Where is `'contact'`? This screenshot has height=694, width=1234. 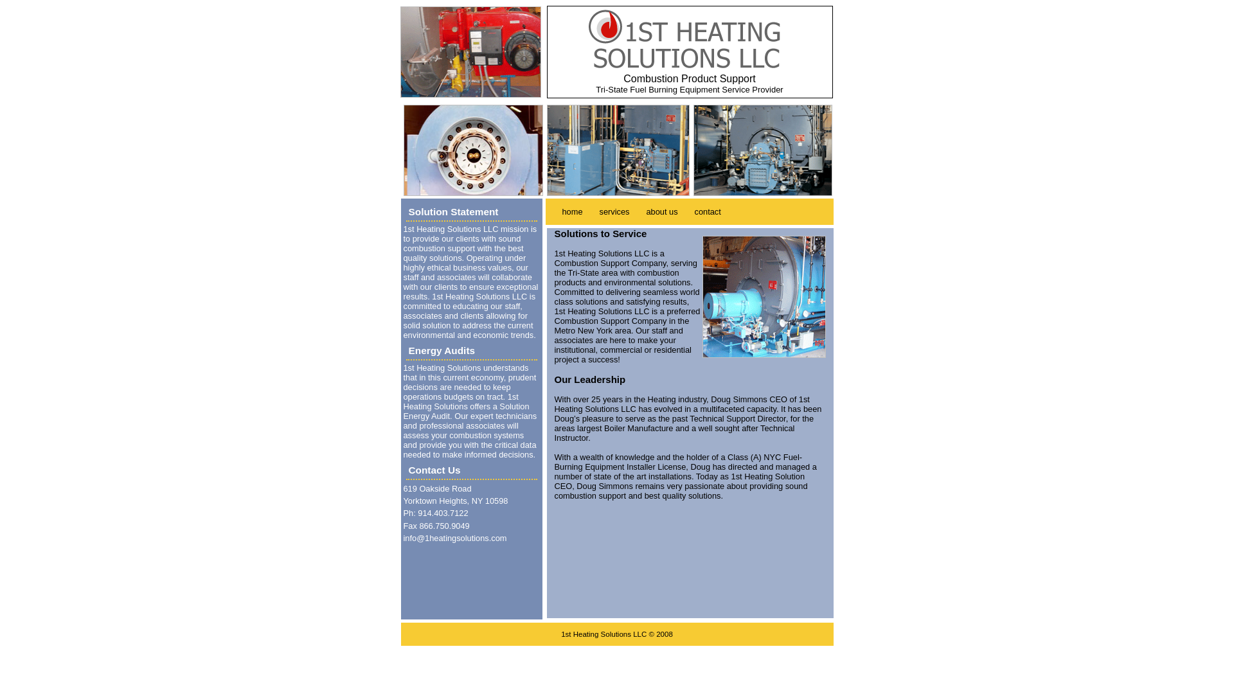
'contact' is located at coordinates (707, 211).